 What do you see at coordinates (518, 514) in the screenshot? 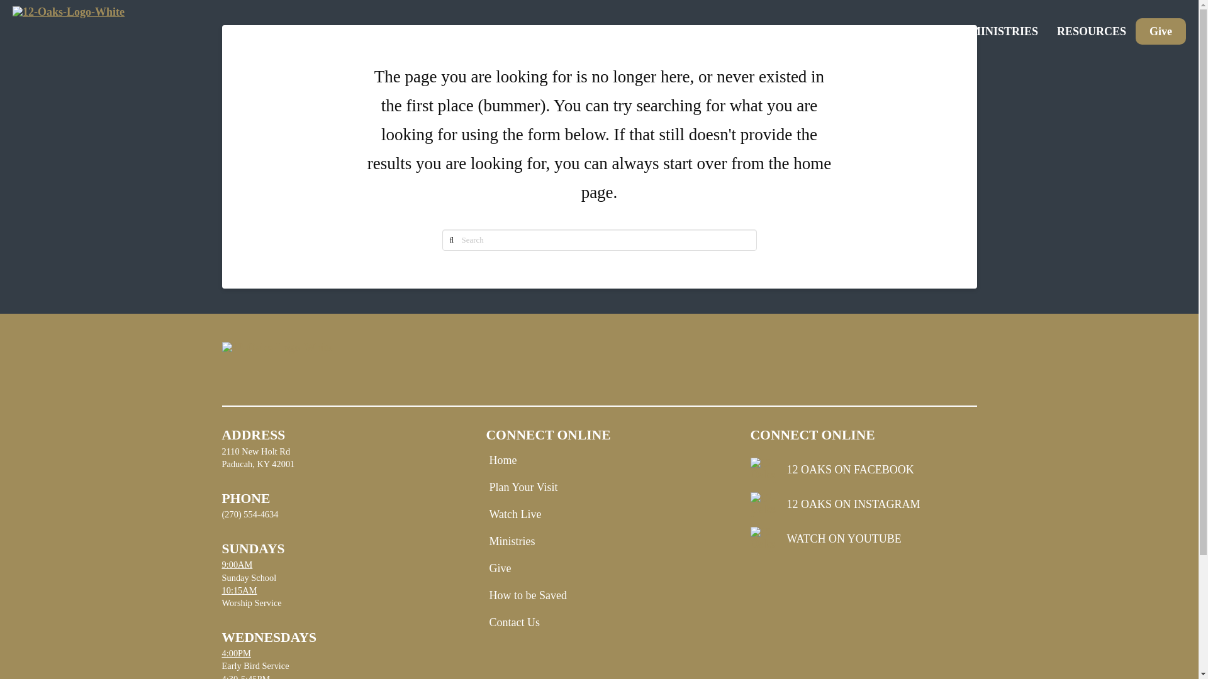
I see `'Watch Live'` at bounding box center [518, 514].